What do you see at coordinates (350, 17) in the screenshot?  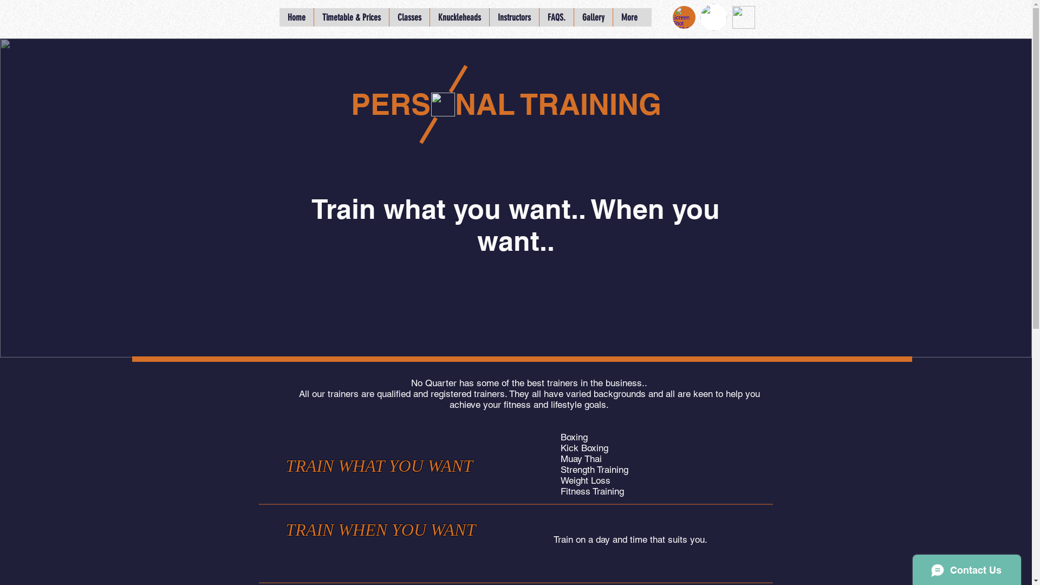 I see `'Timetable & Prices'` at bounding box center [350, 17].